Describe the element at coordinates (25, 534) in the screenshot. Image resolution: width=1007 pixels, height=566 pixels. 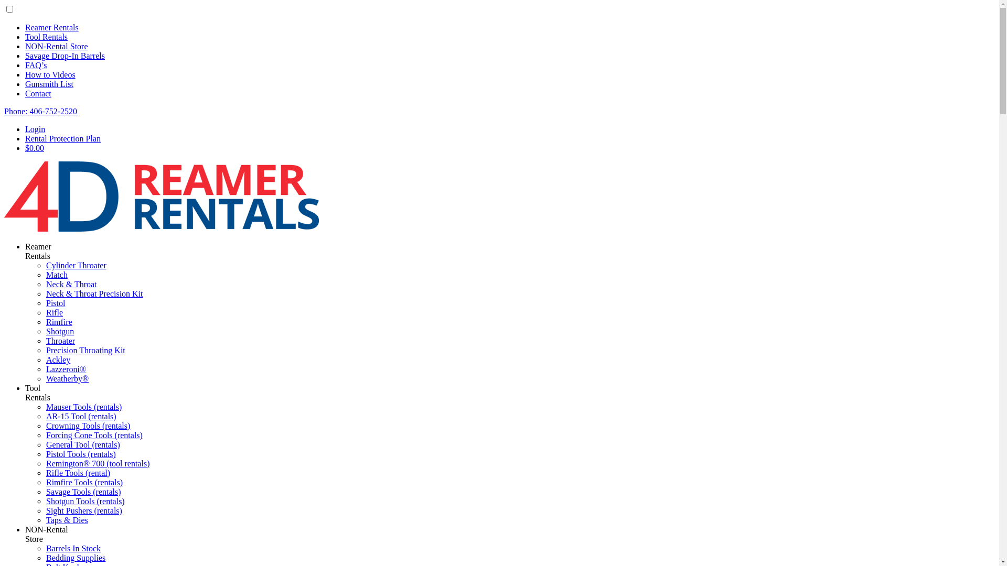
I see `'NON-Rental` at that location.